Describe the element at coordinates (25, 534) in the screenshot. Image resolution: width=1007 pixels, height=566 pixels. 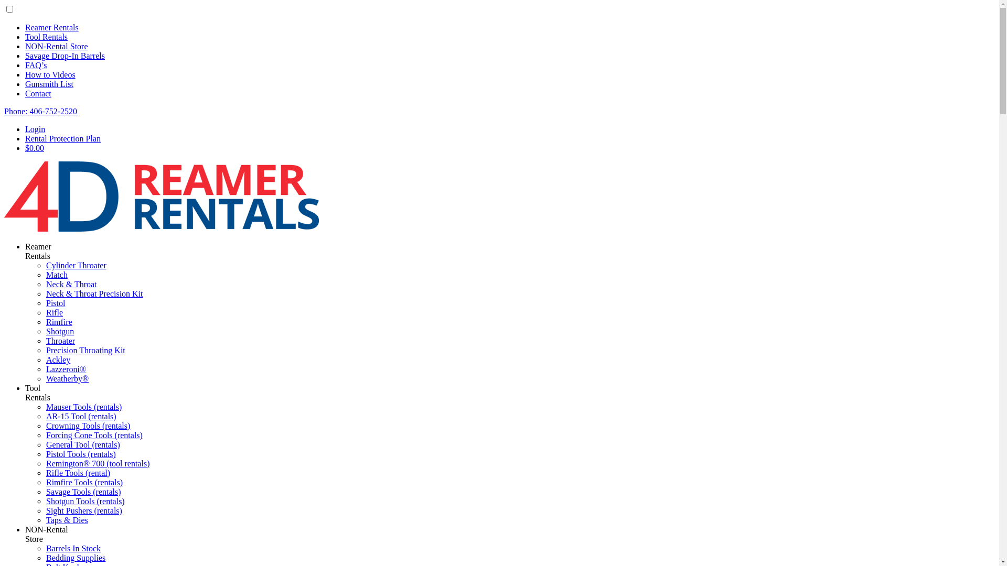
I see `'NON-Rental` at that location.